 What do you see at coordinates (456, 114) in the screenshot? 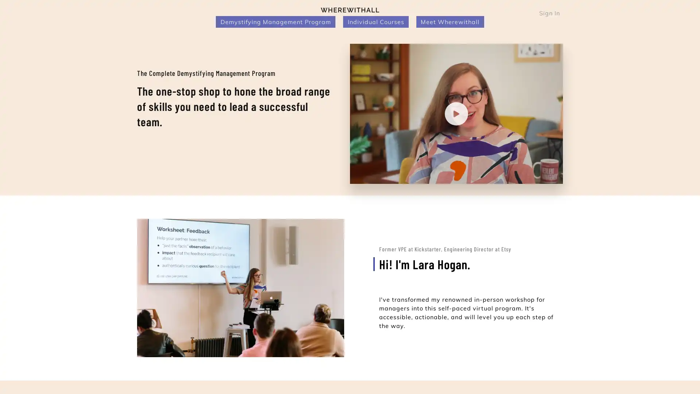
I see `Play video` at bounding box center [456, 114].